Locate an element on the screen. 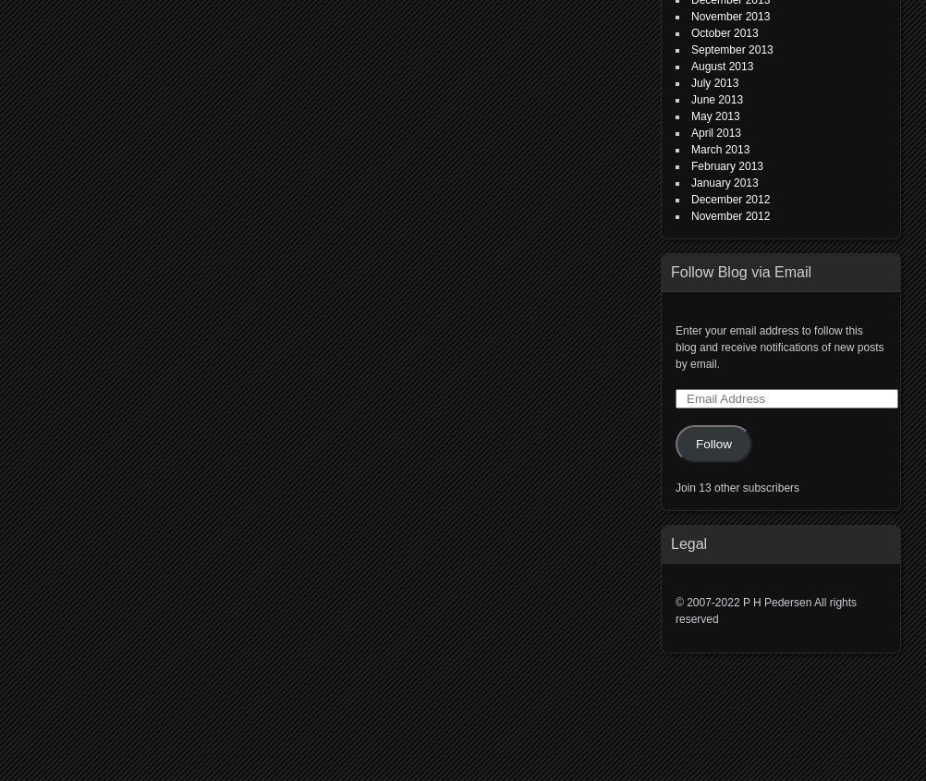 This screenshot has width=926, height=781. 'Enter your email address to follow this blog and receive notifications of new posts by email.' is located at coordinates (675, 347).